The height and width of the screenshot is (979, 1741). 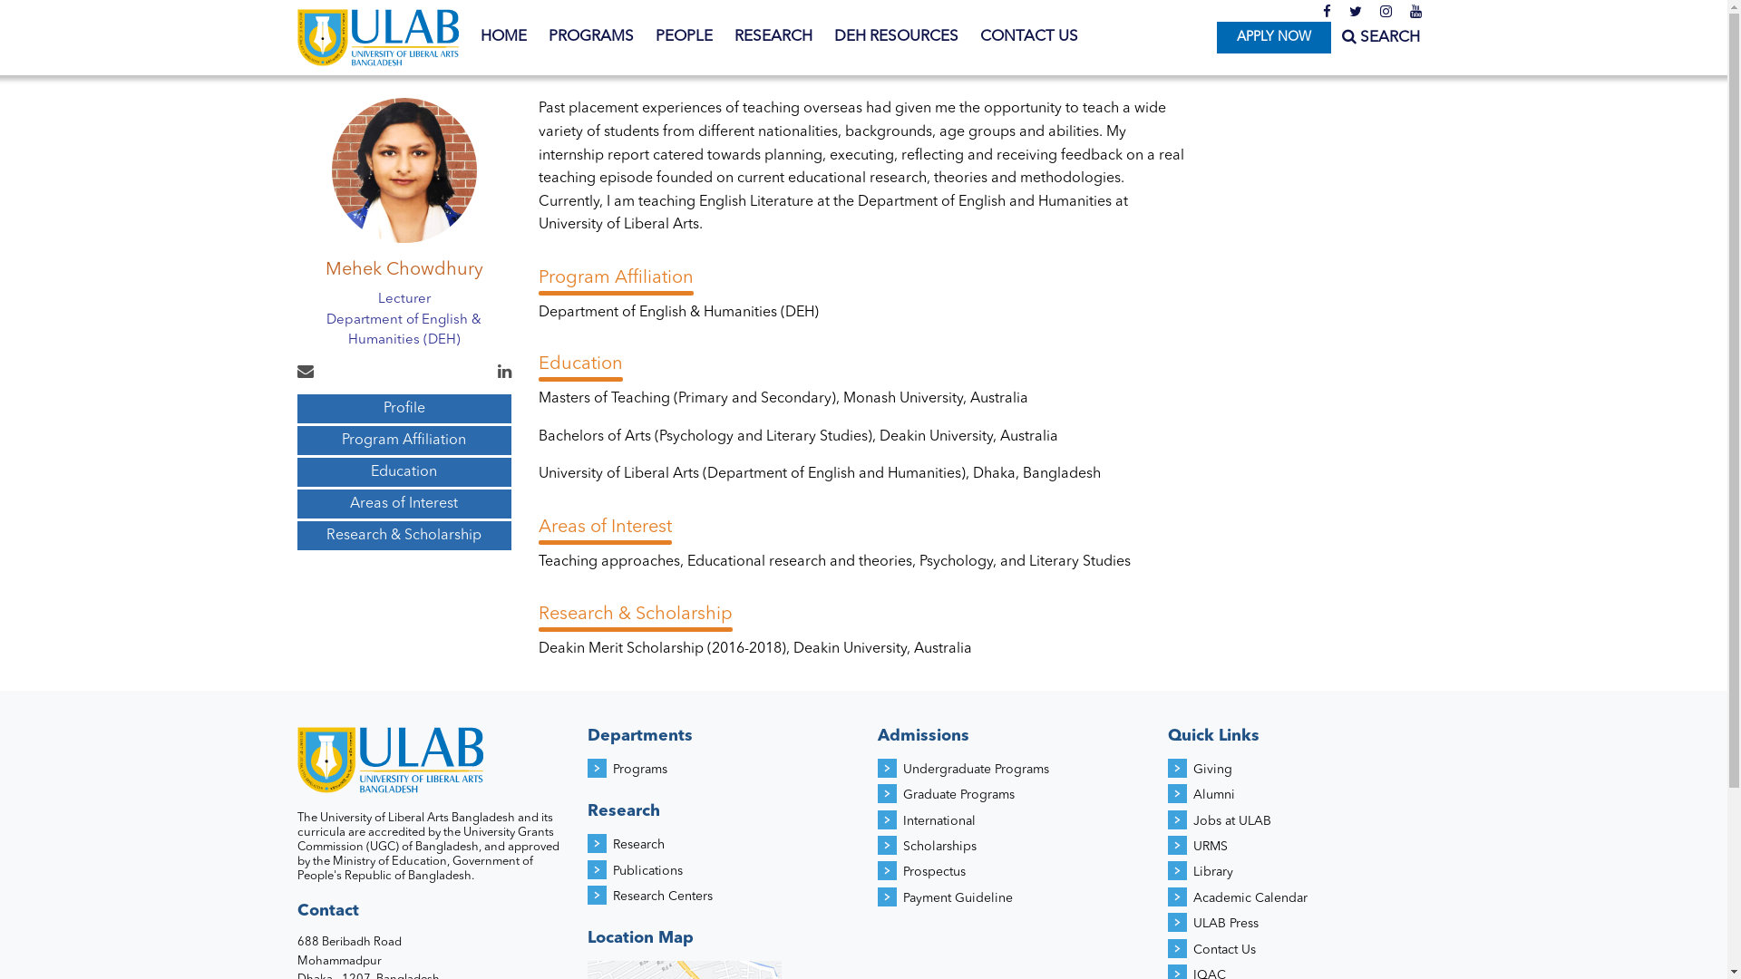 I want to click on 'Programs', so click(x=639, y=769).